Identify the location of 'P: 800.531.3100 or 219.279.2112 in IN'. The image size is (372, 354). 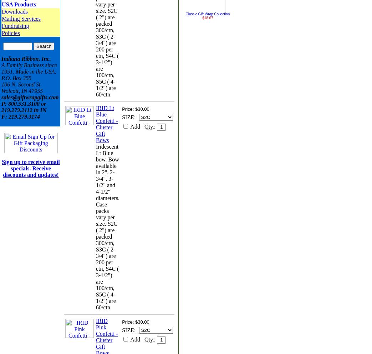
(23, 106).